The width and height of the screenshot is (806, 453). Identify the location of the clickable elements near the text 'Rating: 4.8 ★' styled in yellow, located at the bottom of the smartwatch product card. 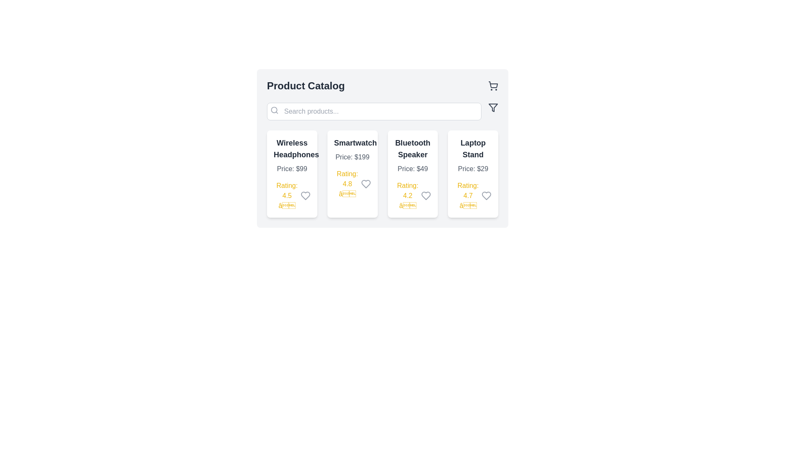
(352, 184).